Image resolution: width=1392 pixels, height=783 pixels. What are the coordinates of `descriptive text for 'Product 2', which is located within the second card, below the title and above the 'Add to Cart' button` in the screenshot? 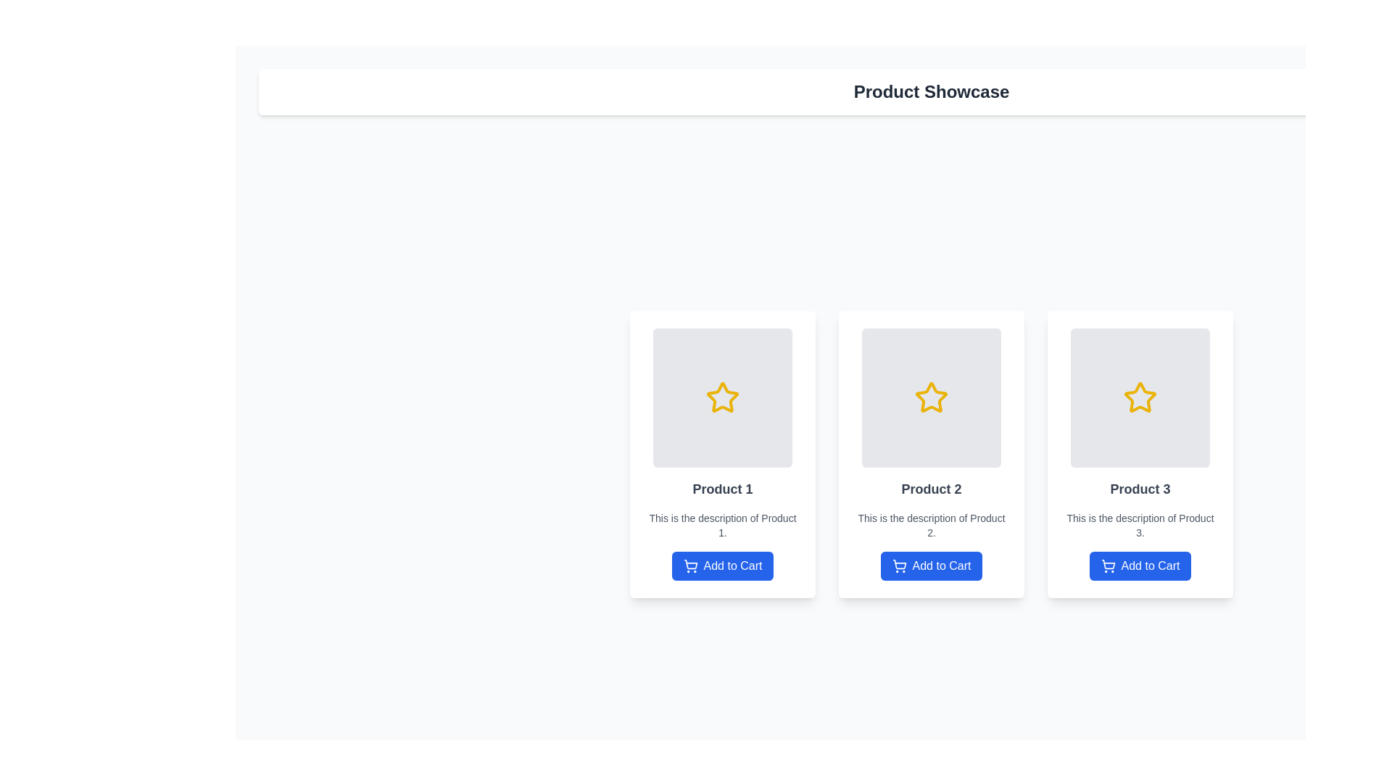 It's located at (932, 526).